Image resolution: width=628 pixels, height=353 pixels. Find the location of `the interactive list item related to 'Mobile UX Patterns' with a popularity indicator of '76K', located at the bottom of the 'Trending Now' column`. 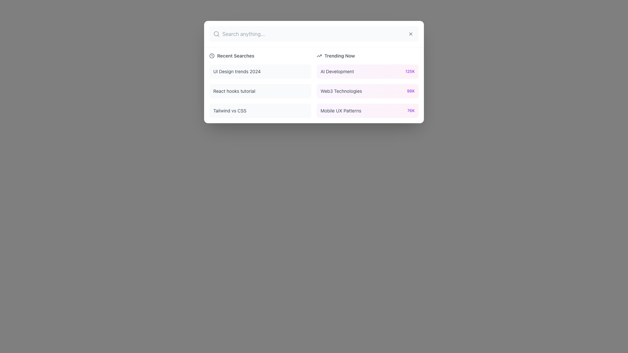

the interactive list item related to 'Mobile UX Patterns' with a popularity indicator of '76K', located at the bottom of the 'Trending Now' column is located at coordinates (367, 110).